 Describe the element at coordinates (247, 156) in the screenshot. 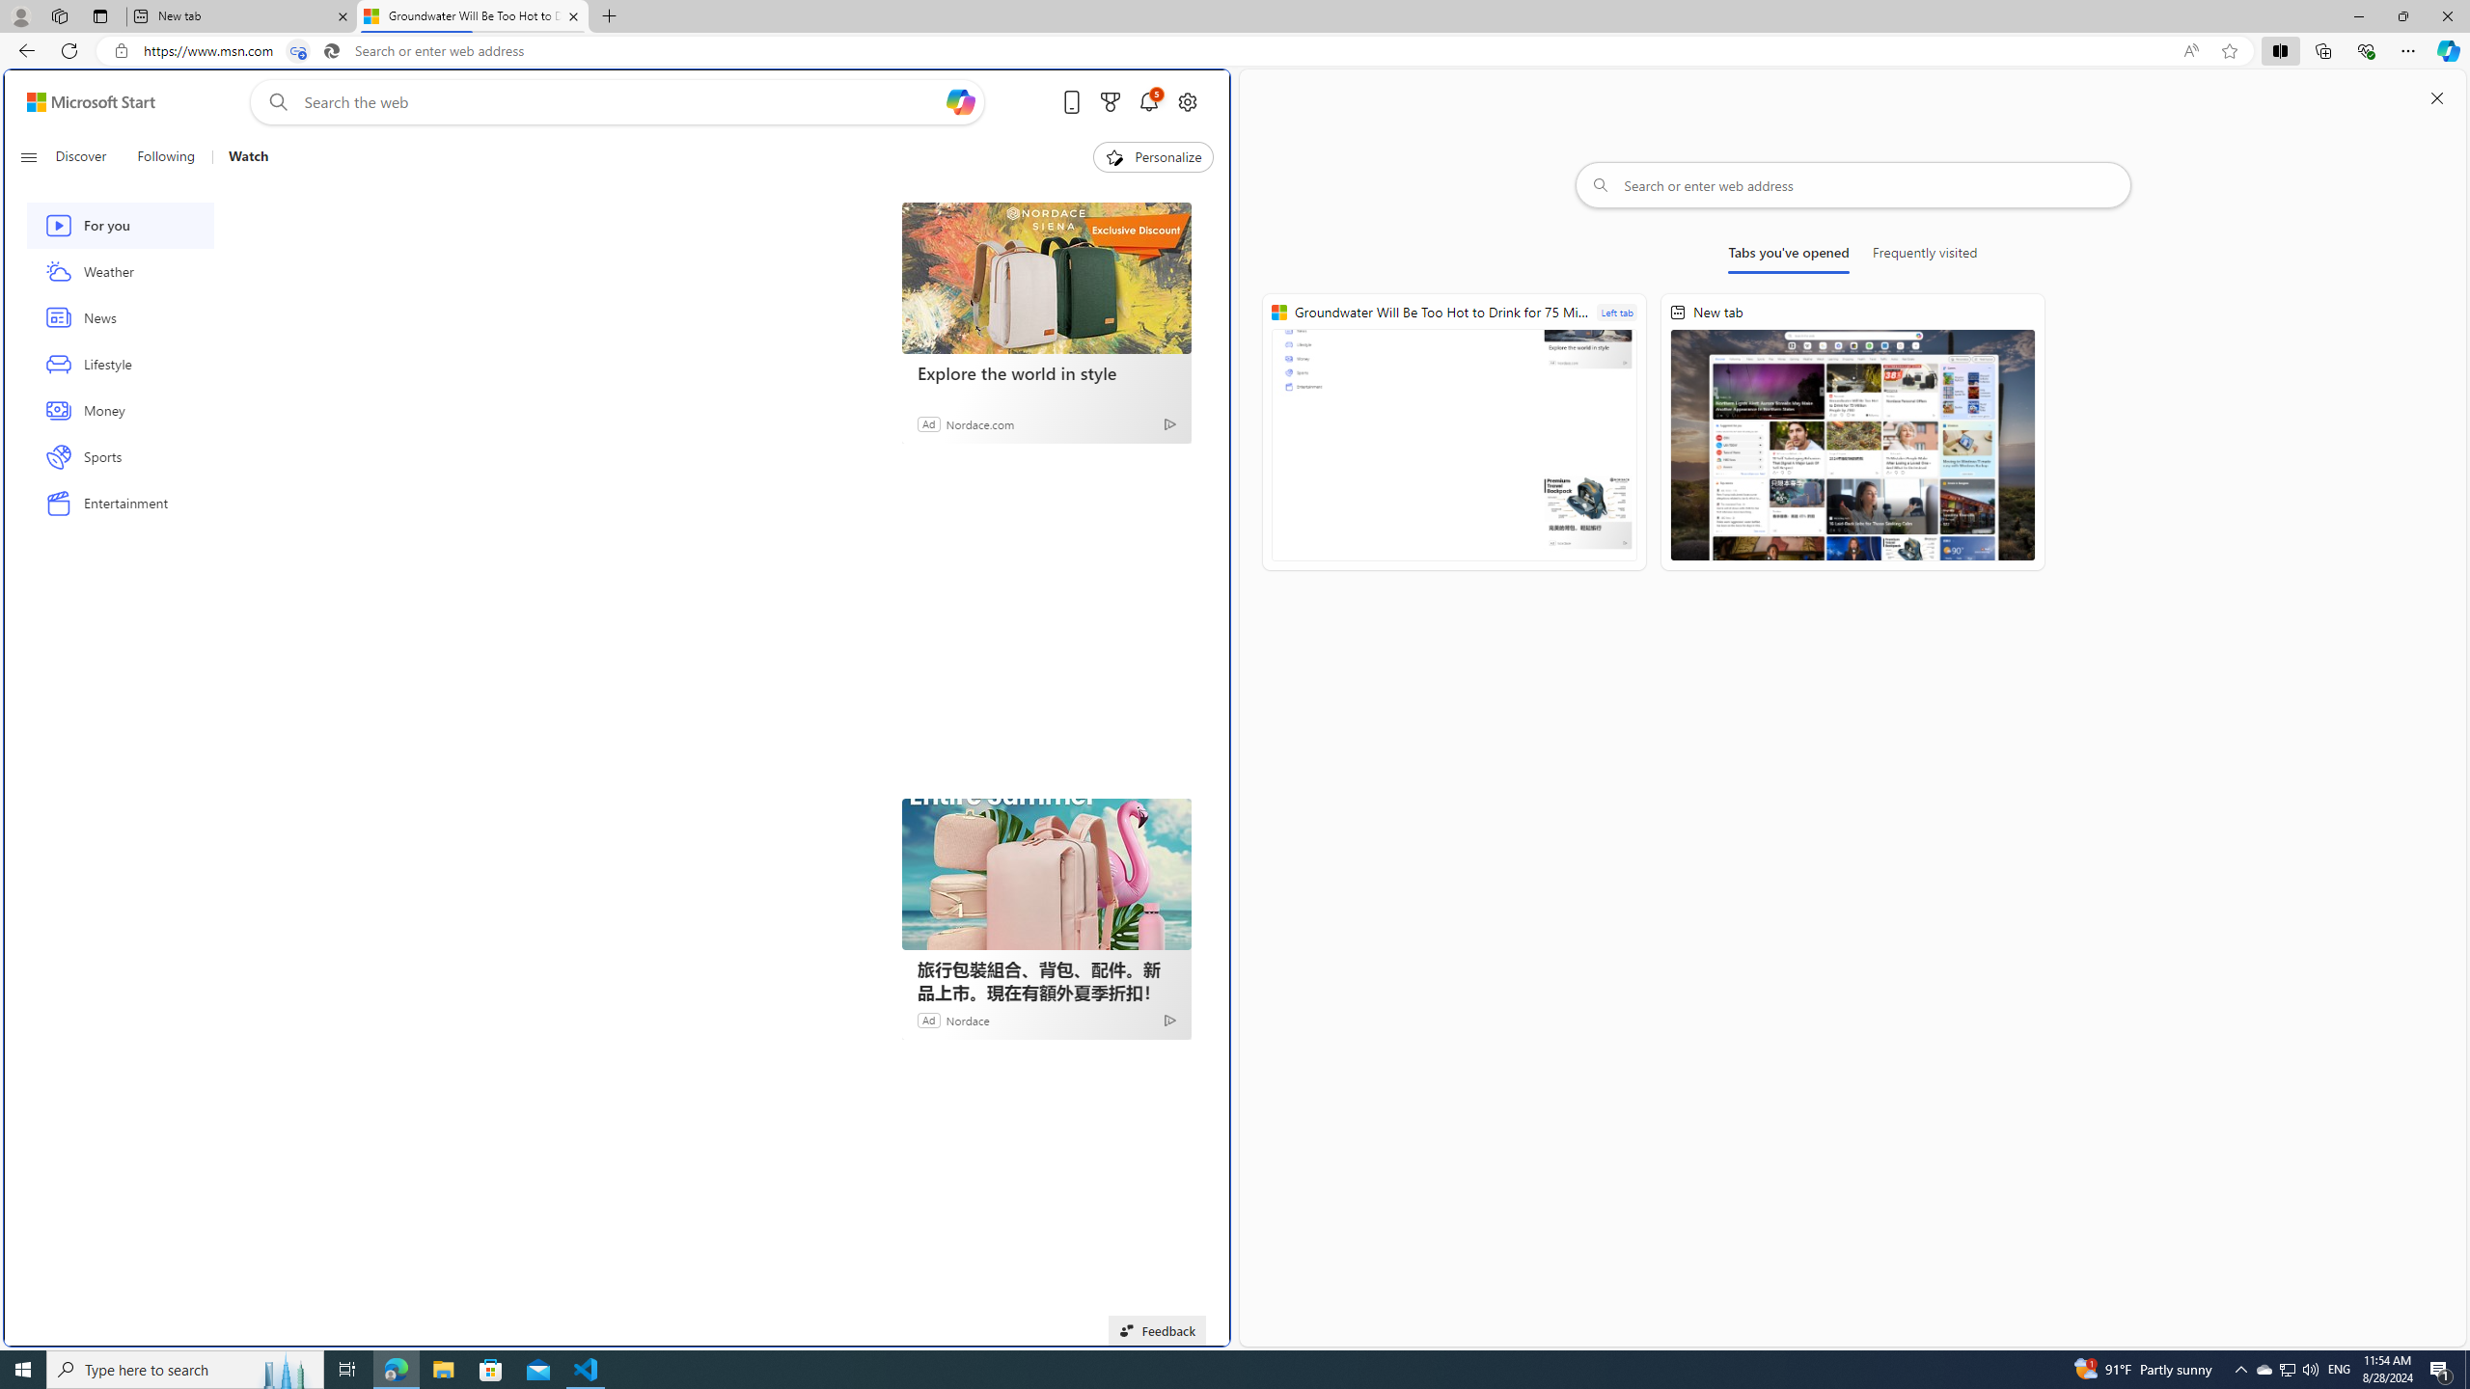

I see `'Watch'` at that location.